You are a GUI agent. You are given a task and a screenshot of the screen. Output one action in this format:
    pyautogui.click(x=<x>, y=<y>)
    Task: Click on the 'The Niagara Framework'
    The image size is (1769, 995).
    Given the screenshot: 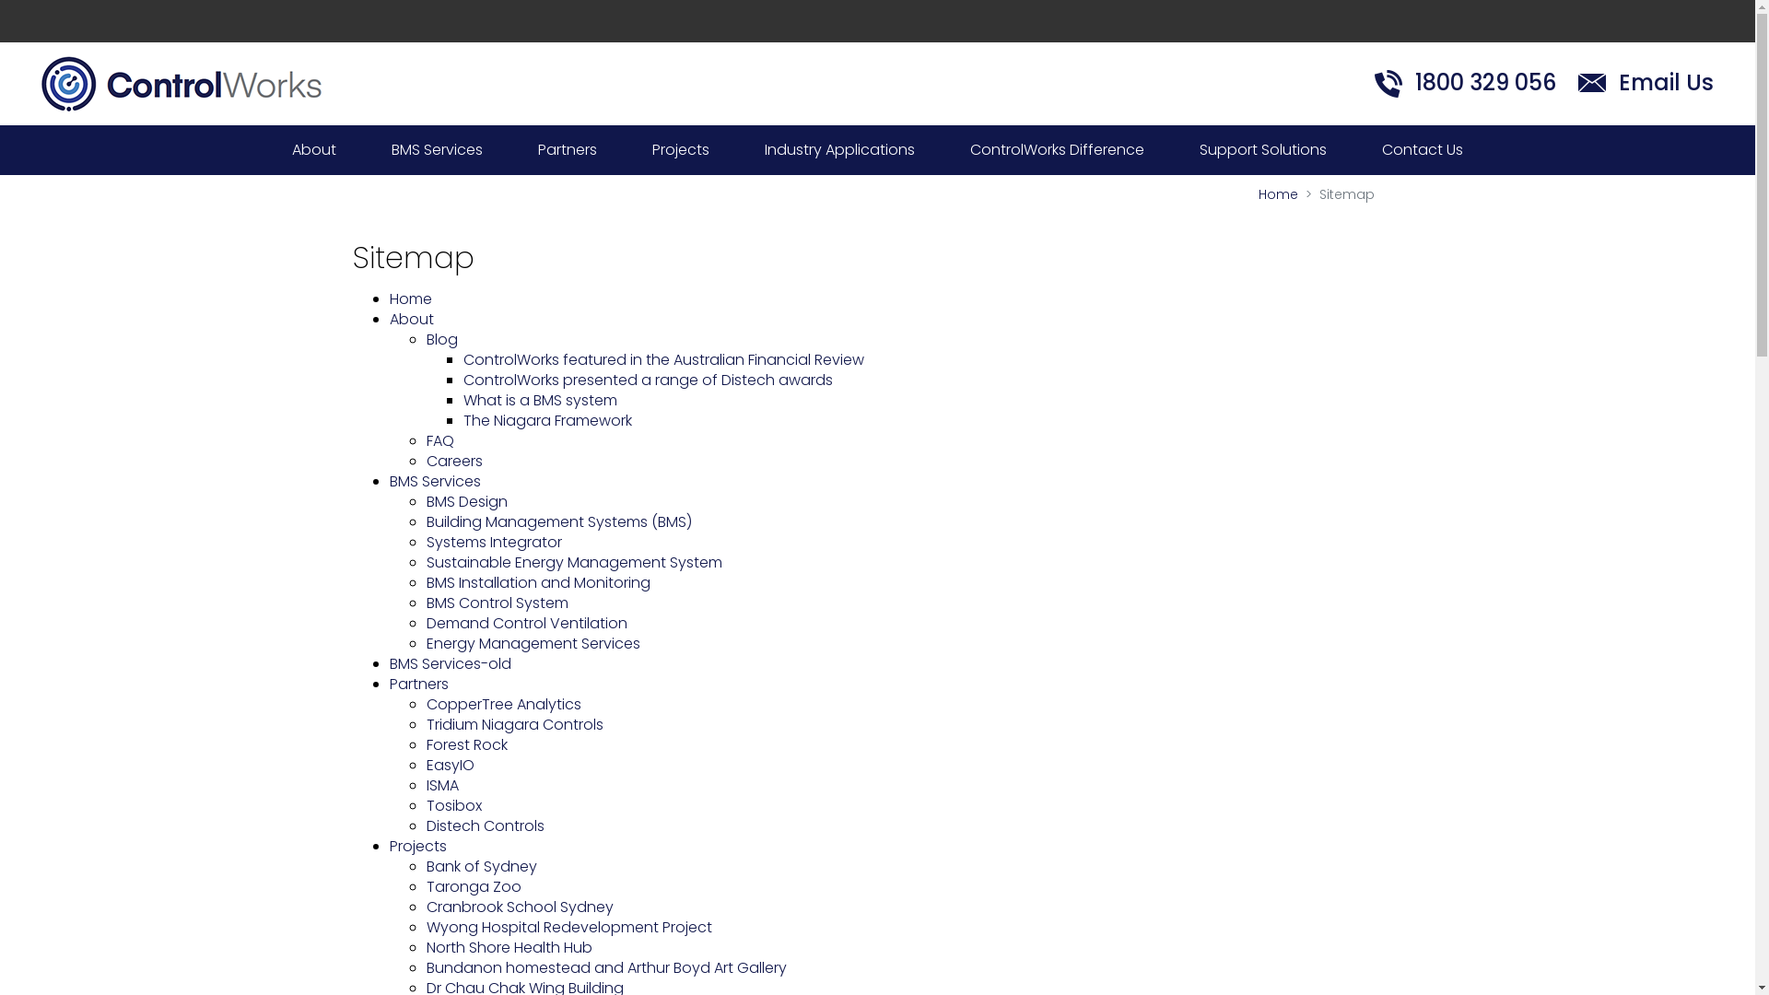 What is the action you would take?
    pyautogui.click(x=463, y=420)
    